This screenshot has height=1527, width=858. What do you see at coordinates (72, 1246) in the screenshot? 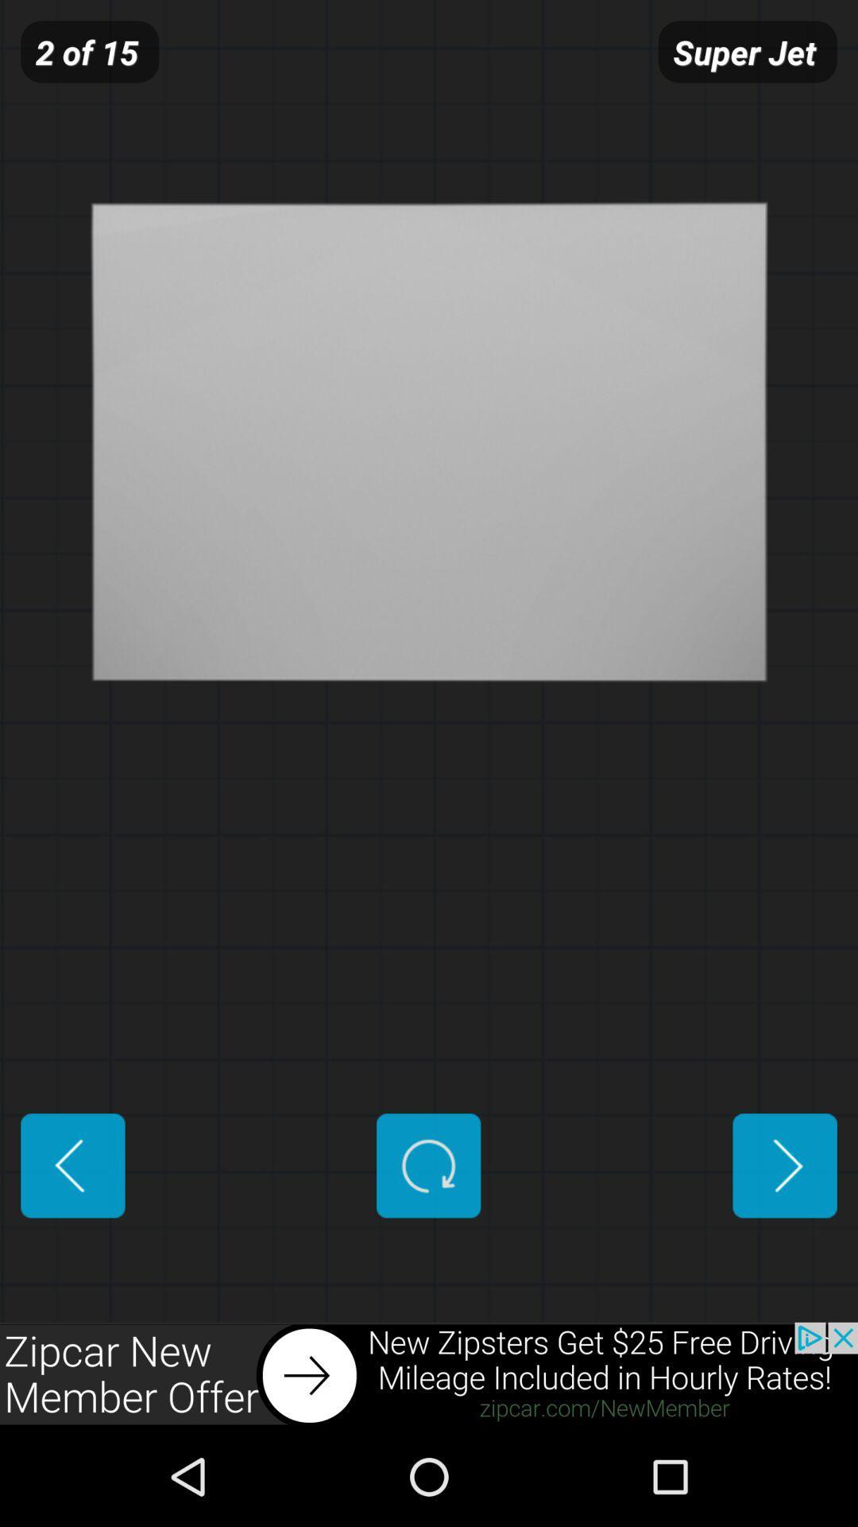
I see `the arrow_backward icon` at bounding box center [72, 1246].